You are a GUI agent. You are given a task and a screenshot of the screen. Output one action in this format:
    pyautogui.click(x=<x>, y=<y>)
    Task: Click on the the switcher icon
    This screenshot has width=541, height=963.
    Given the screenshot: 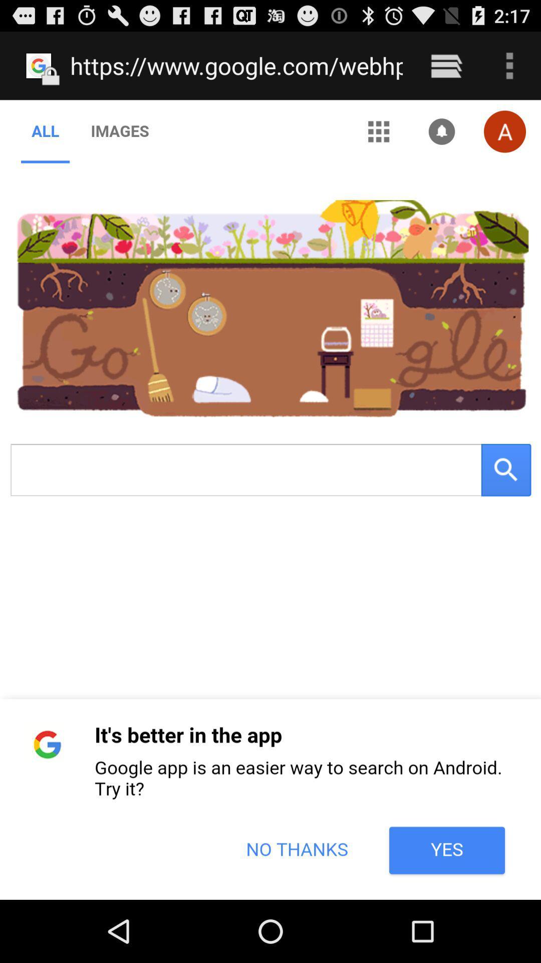 What is the action you would take?
    pyautogui.click(x=446, y=70)
    